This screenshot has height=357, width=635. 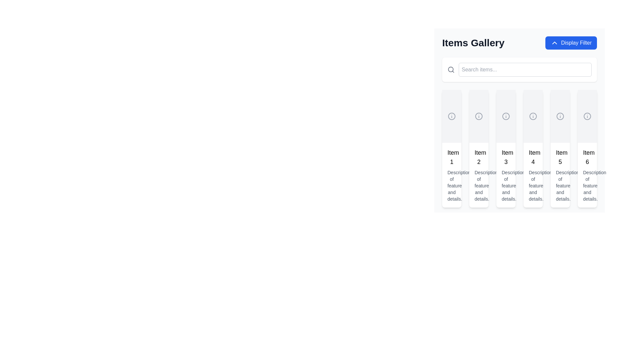 What do you see at coordinates (533, 149) in the screenshot?
I see `the card located in the first row and the fourth column of the grid, which provides a summary of information about a feature or item` at bounding box center [533, 149].